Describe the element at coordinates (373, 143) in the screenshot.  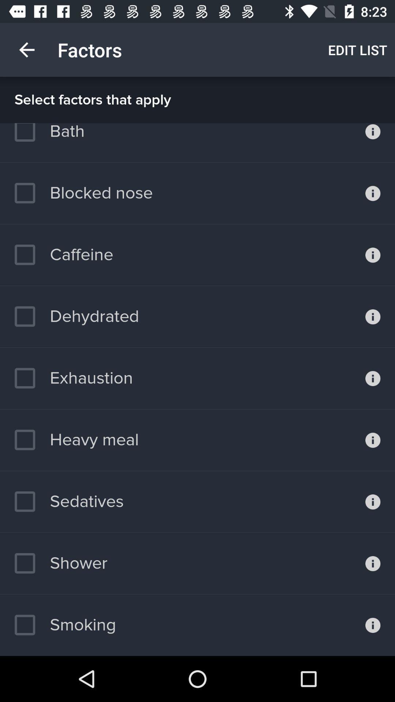
I see `information` at that location.